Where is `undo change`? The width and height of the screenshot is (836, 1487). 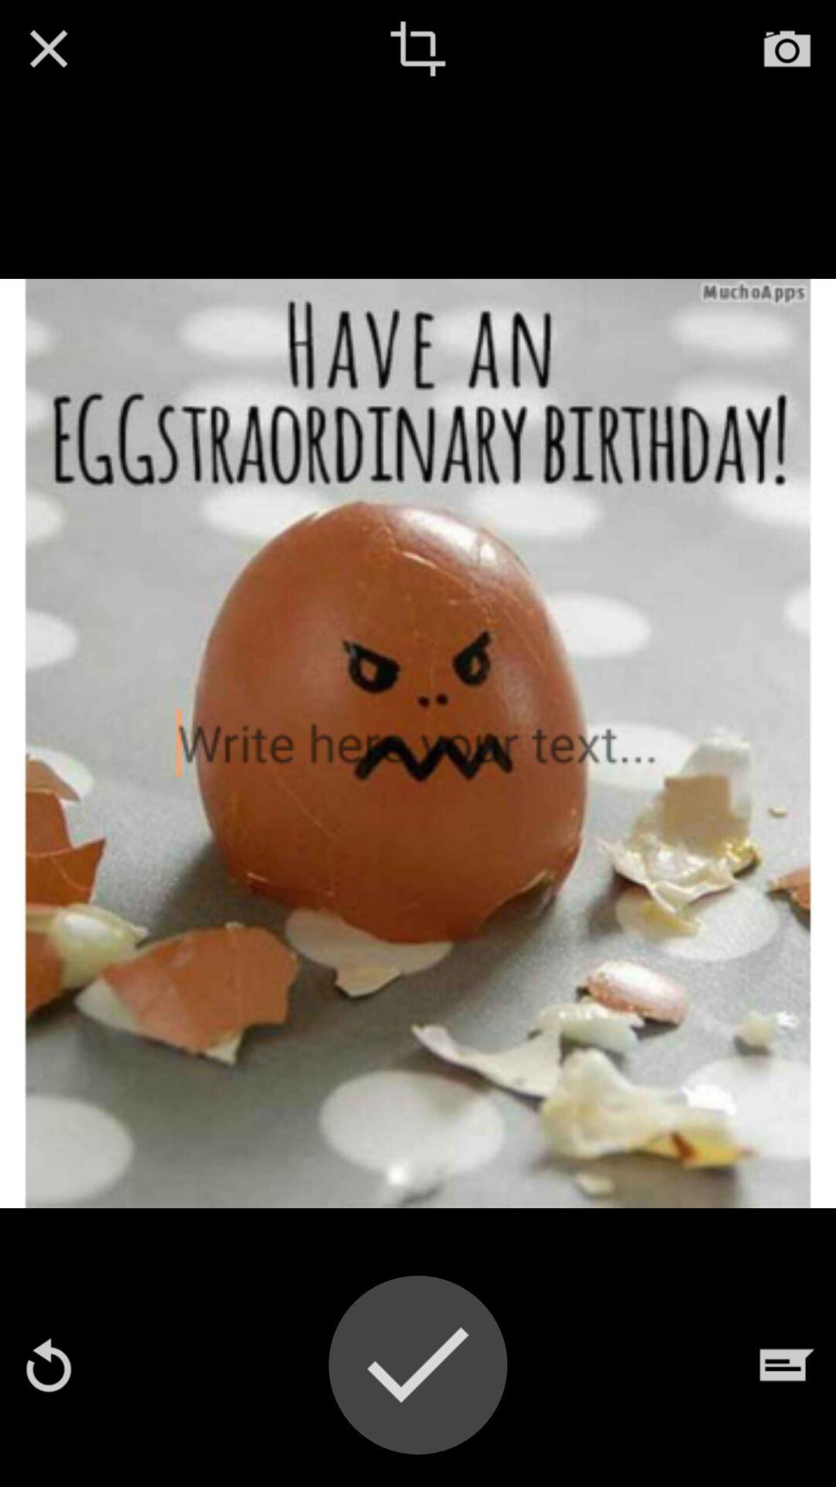
undo change is located at coordinates (47, 1365).